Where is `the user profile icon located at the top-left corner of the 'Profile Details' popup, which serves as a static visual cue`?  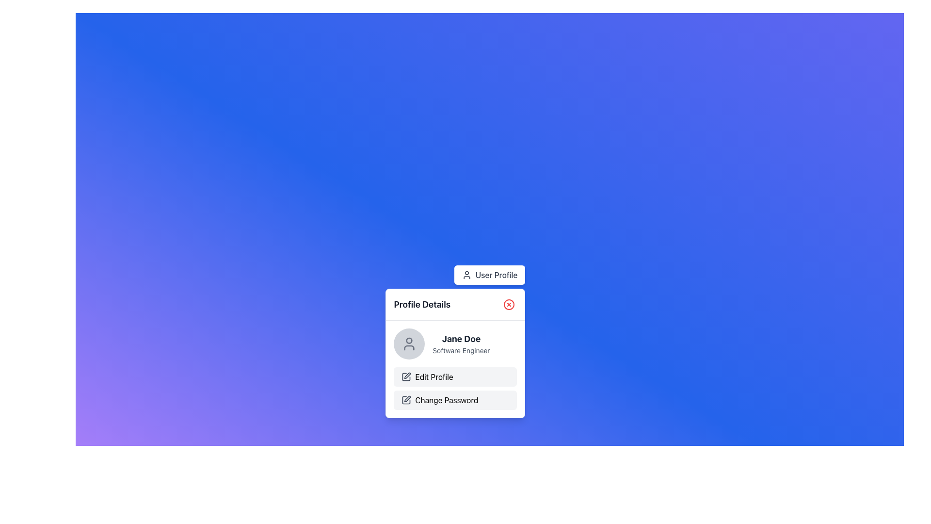 the user profile icon located at the top-left corner of the 'Profile Details' popup, which serves as a static visual cue is located at coordinates (409, 344).